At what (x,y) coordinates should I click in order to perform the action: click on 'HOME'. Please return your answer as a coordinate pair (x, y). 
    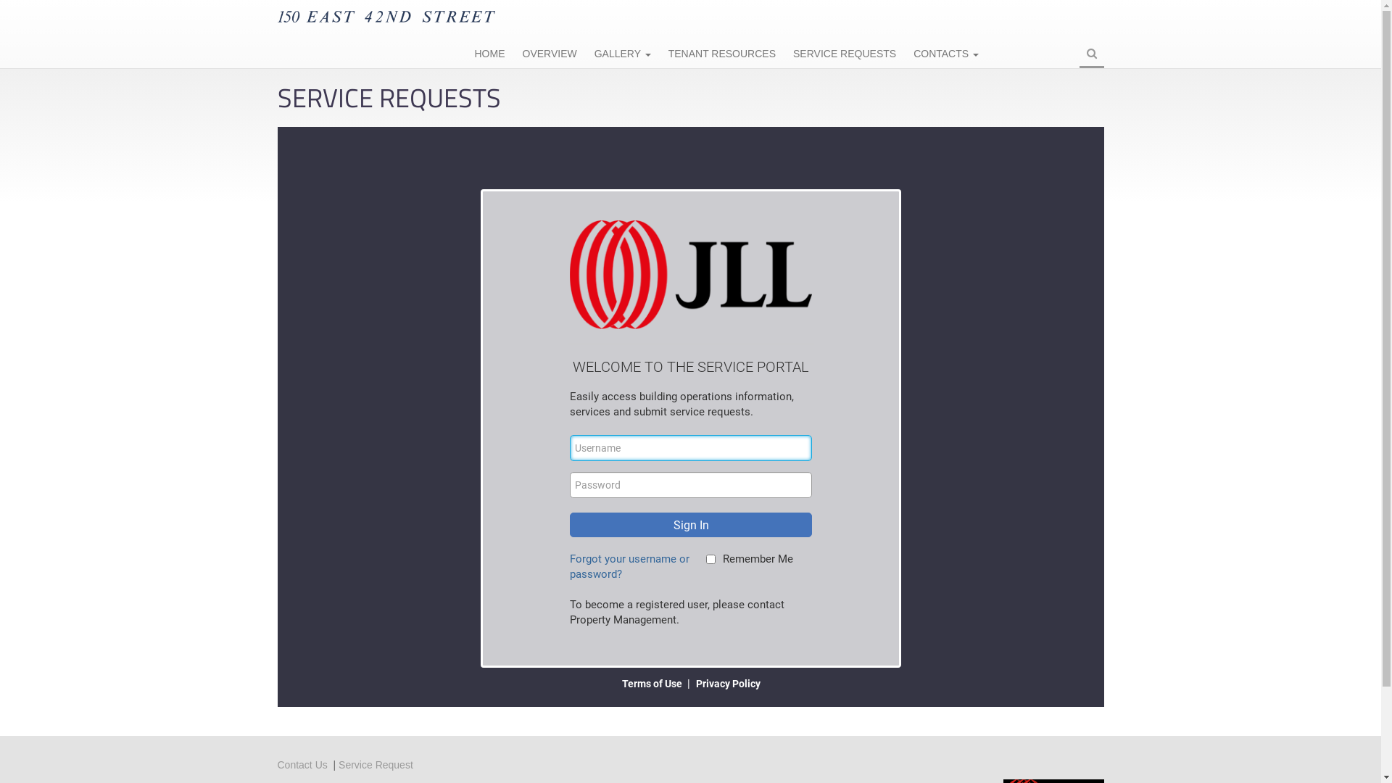
    Looking at the image, I should click on (465, 54).